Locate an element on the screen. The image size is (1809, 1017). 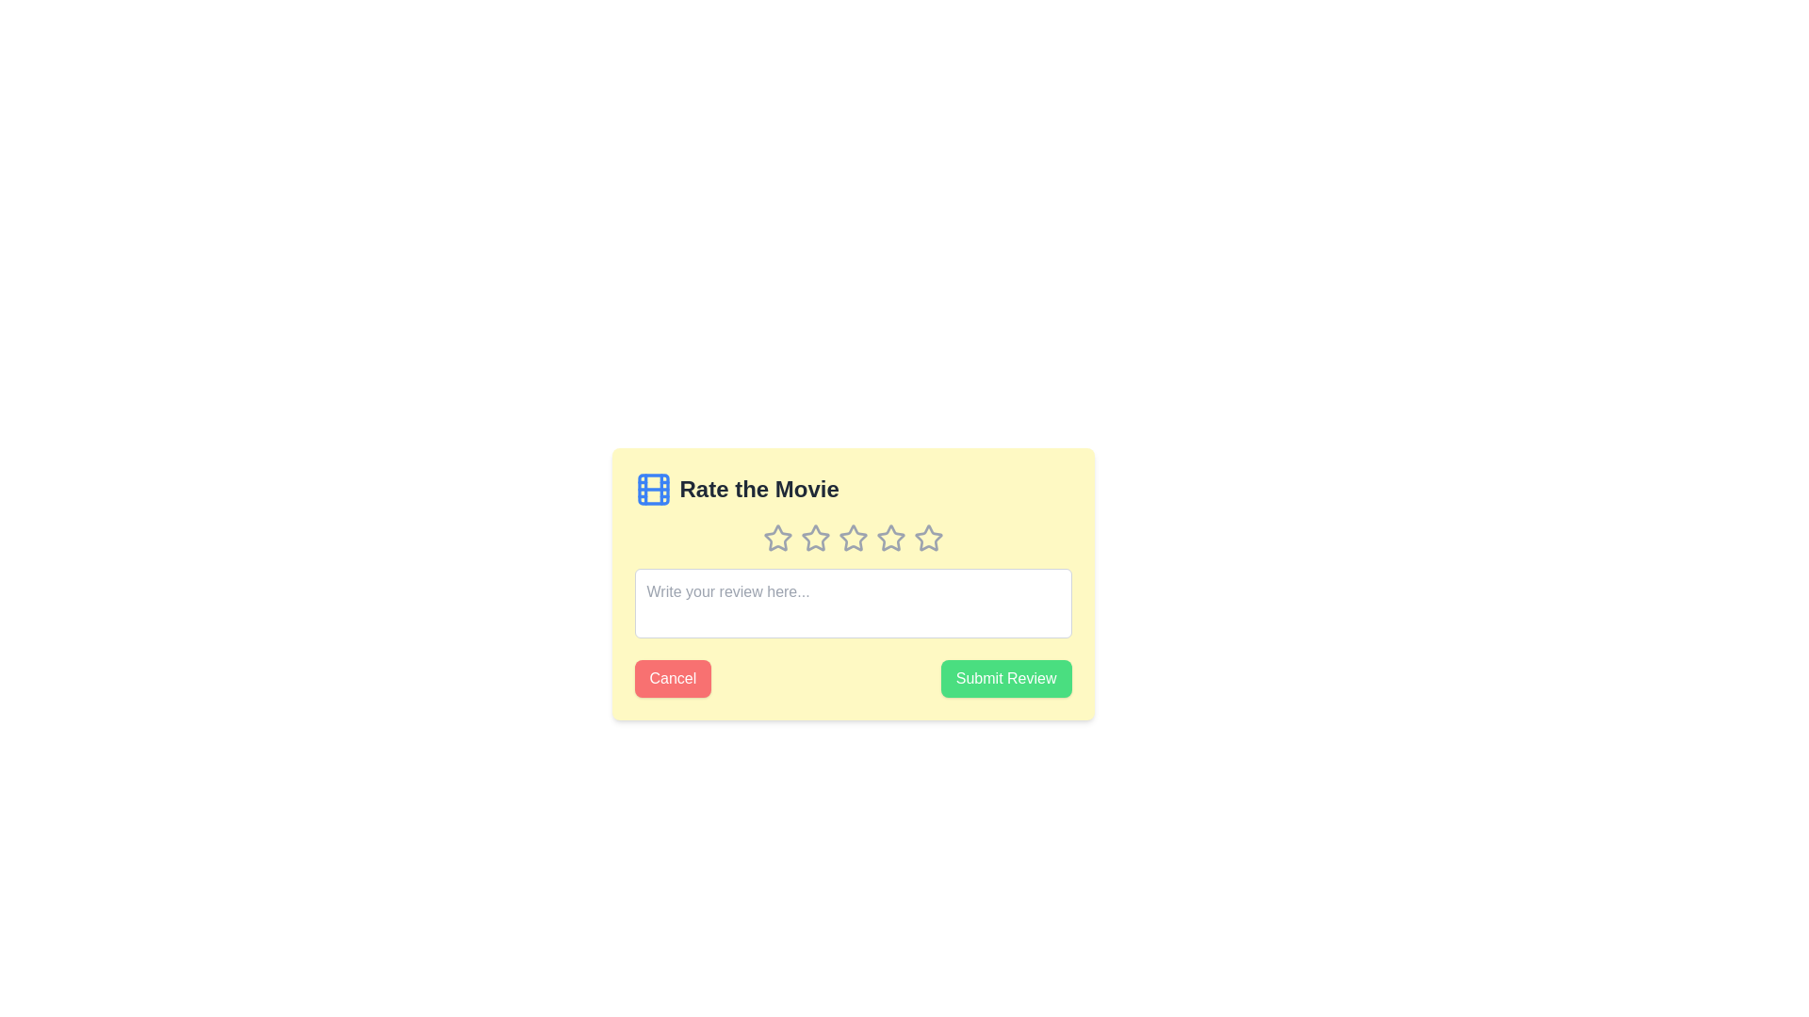
the cancel button located at the bottom-left corner of the dialog box is located at coordinates (673, 679).